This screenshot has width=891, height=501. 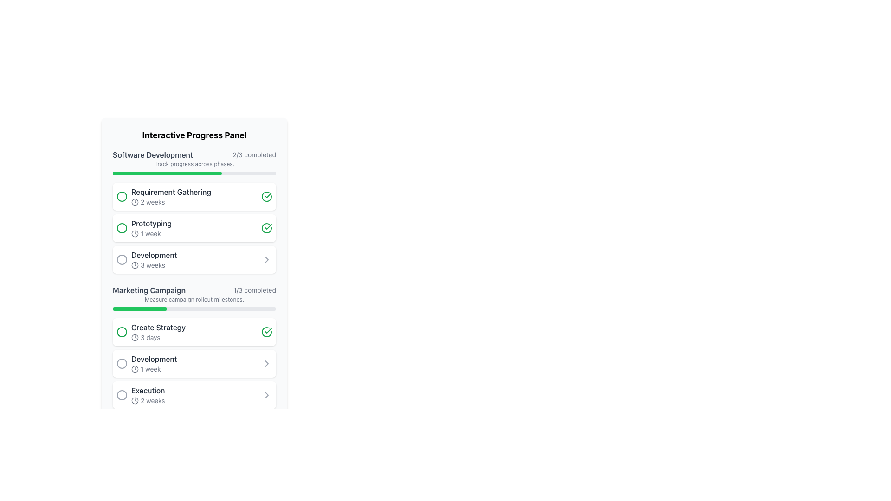 What do you see at coordinates (167, 173) in the screenshot?
I see `the green progress indicator bar located under the 'Software Development' header, which is styled with rounded ends and occupies two-thirds of the outer gray bar` at bounding box center [167, 173].